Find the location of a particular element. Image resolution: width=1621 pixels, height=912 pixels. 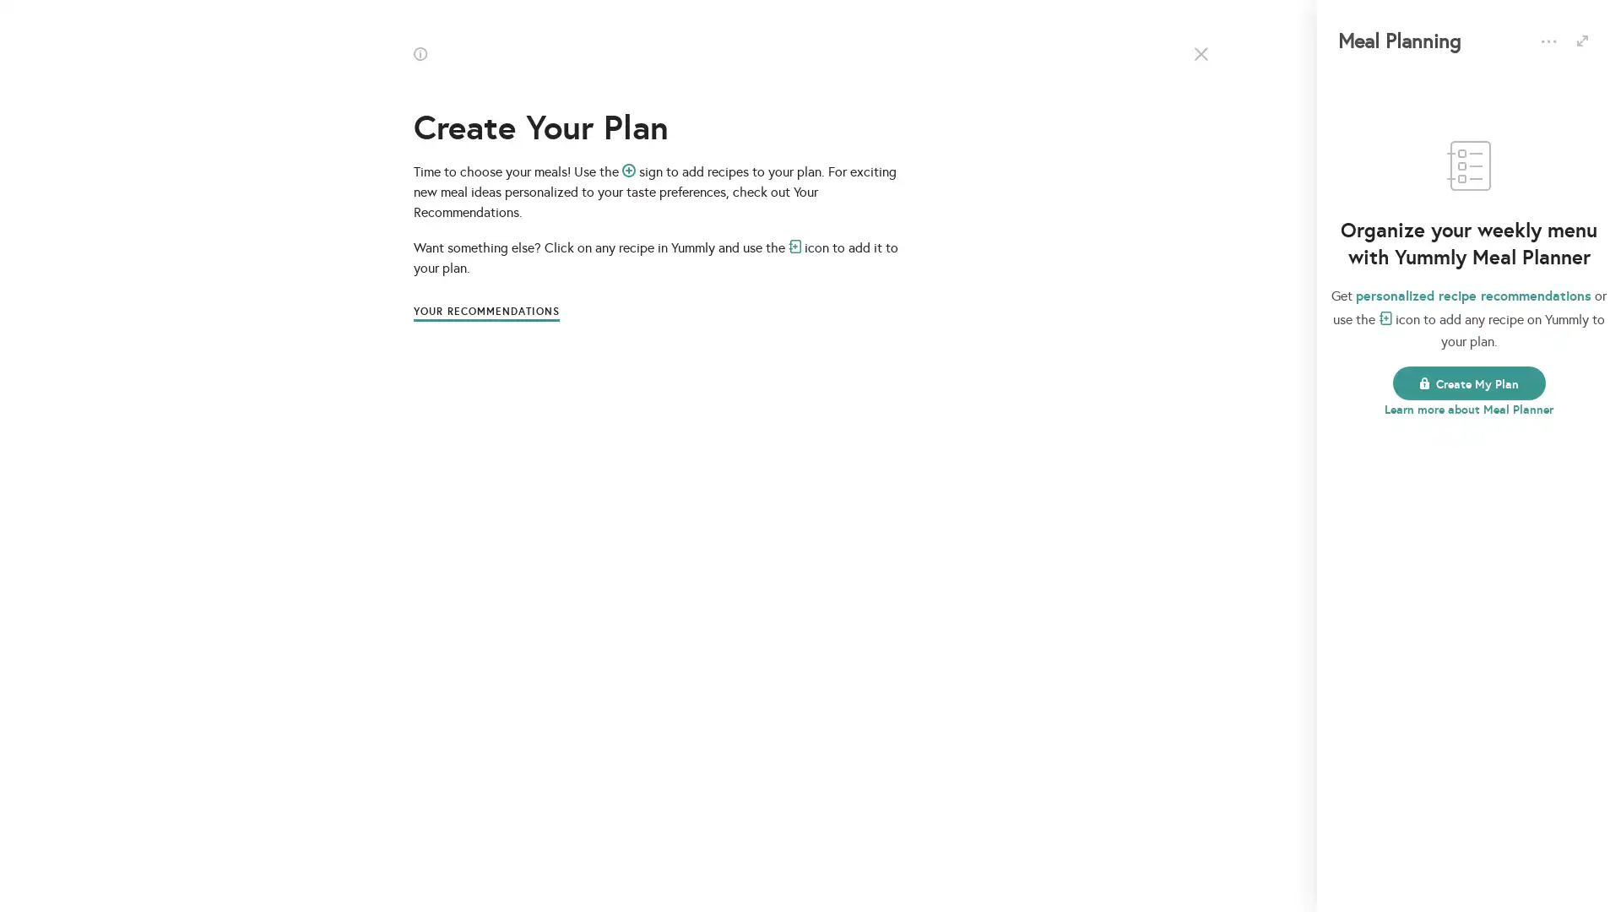

Vegetarian is located at coordinates (692, 347).